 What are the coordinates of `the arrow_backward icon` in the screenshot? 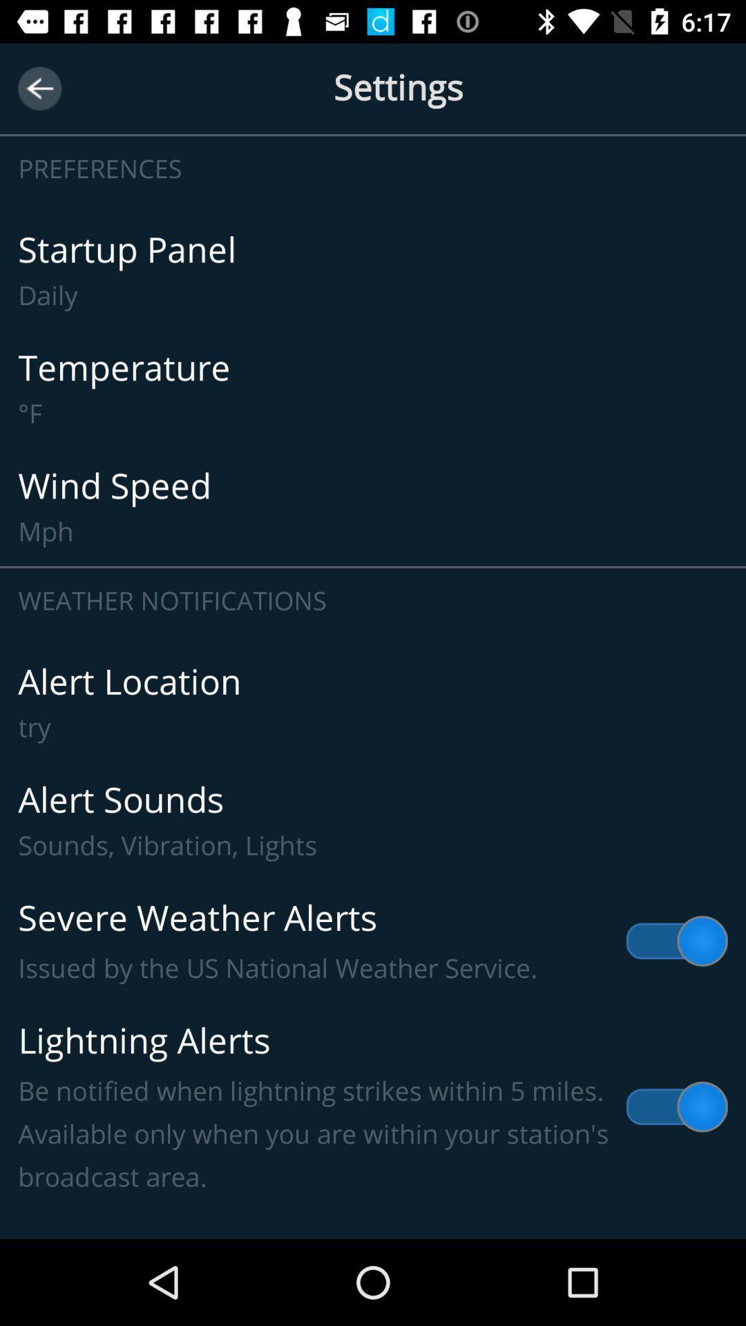 It's located at (39, 88).